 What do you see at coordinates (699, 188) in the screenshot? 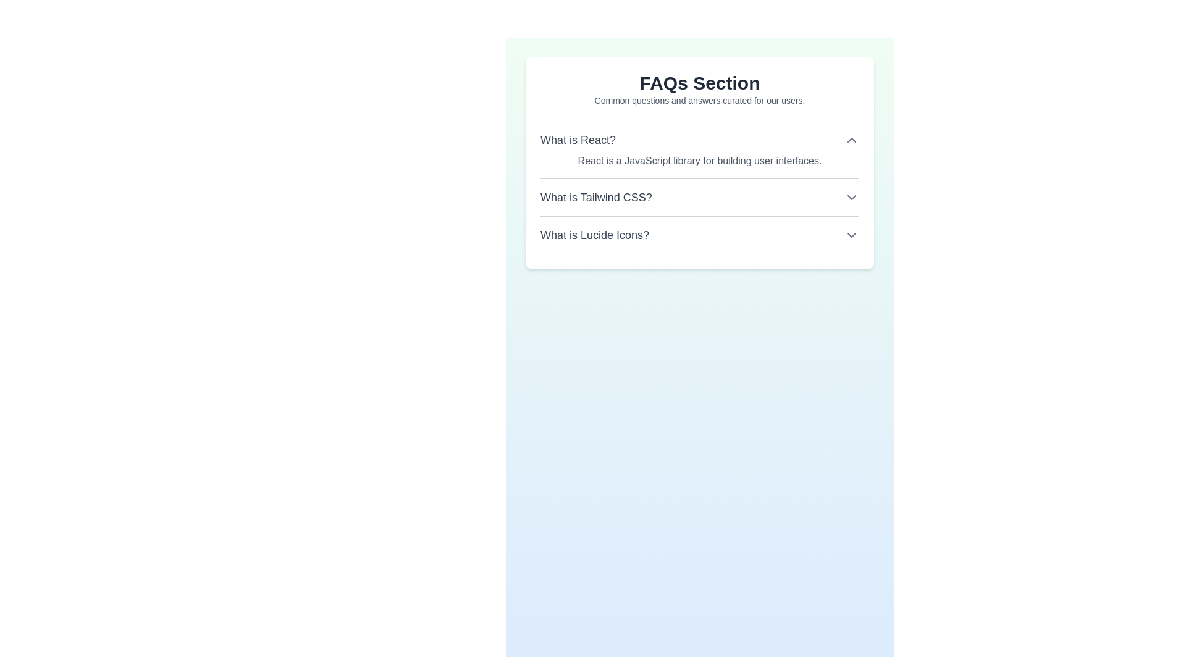
I see `the button labeled 'What is Tailwind CSS?'` at bounding box center [699, 188].